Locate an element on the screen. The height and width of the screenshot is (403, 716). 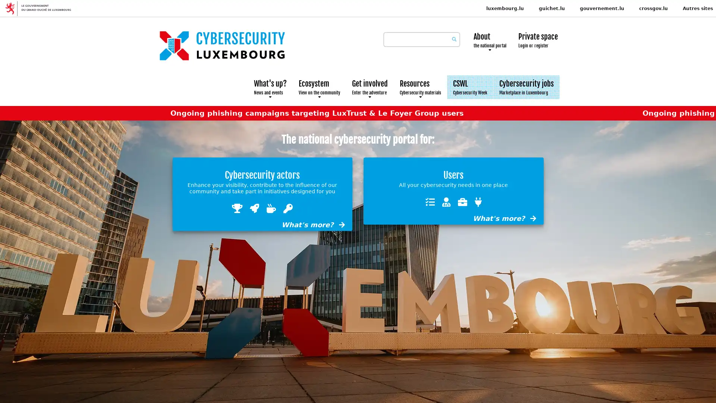
Cybersecurity jobs Marketplace in Luxembourg is located at coordinates (526, 87).